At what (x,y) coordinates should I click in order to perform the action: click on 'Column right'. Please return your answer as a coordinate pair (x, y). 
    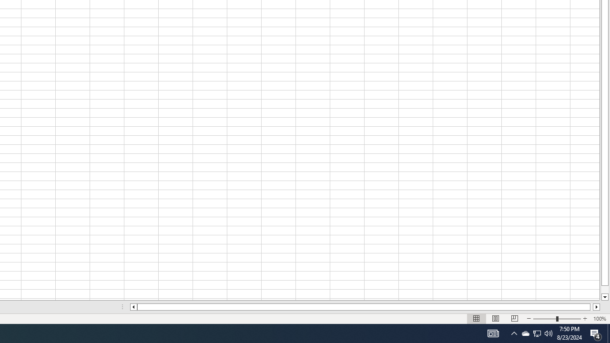
    Looking at the image, I should click on (596, 307).